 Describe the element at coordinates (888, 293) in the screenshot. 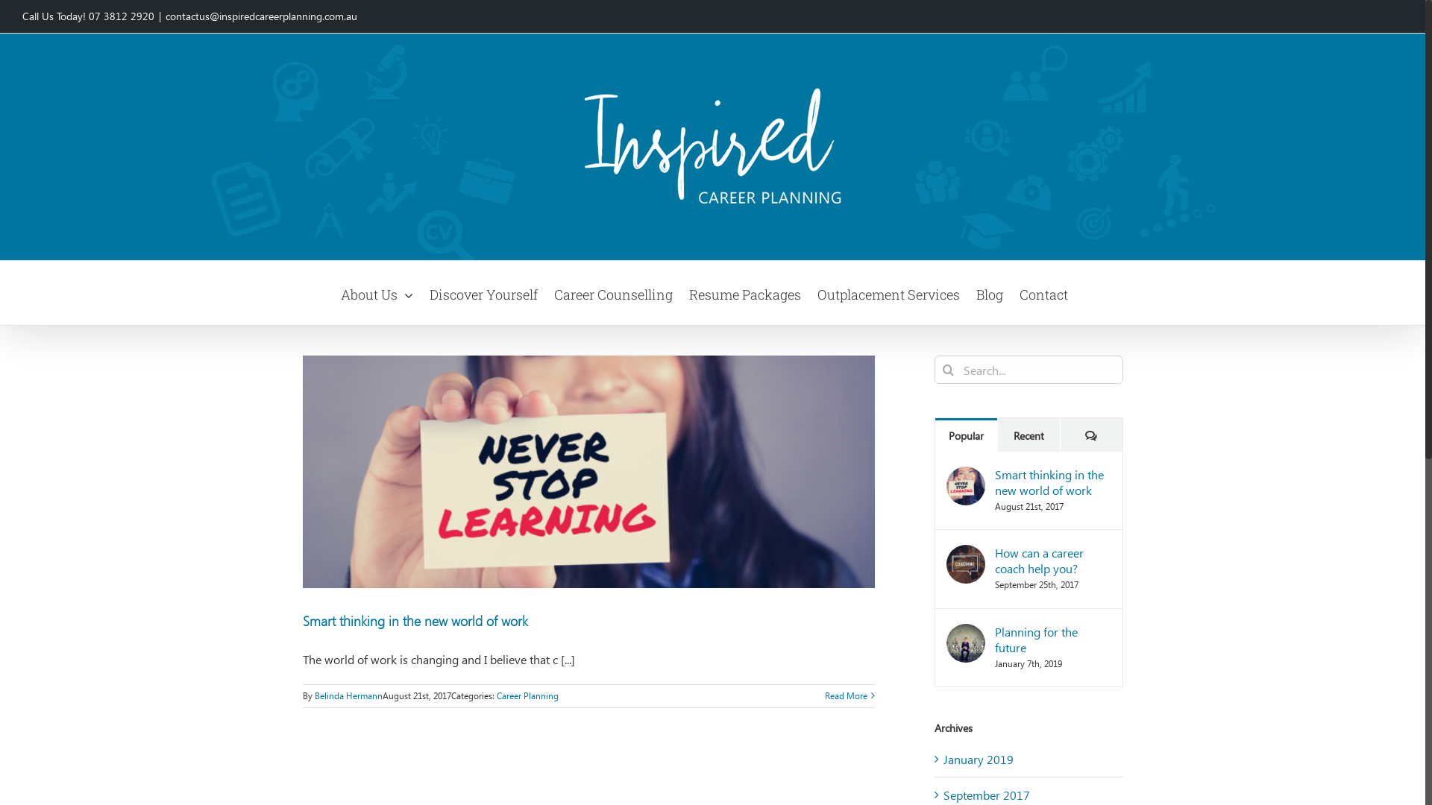

I see `'Outplacement Services'` at that location.